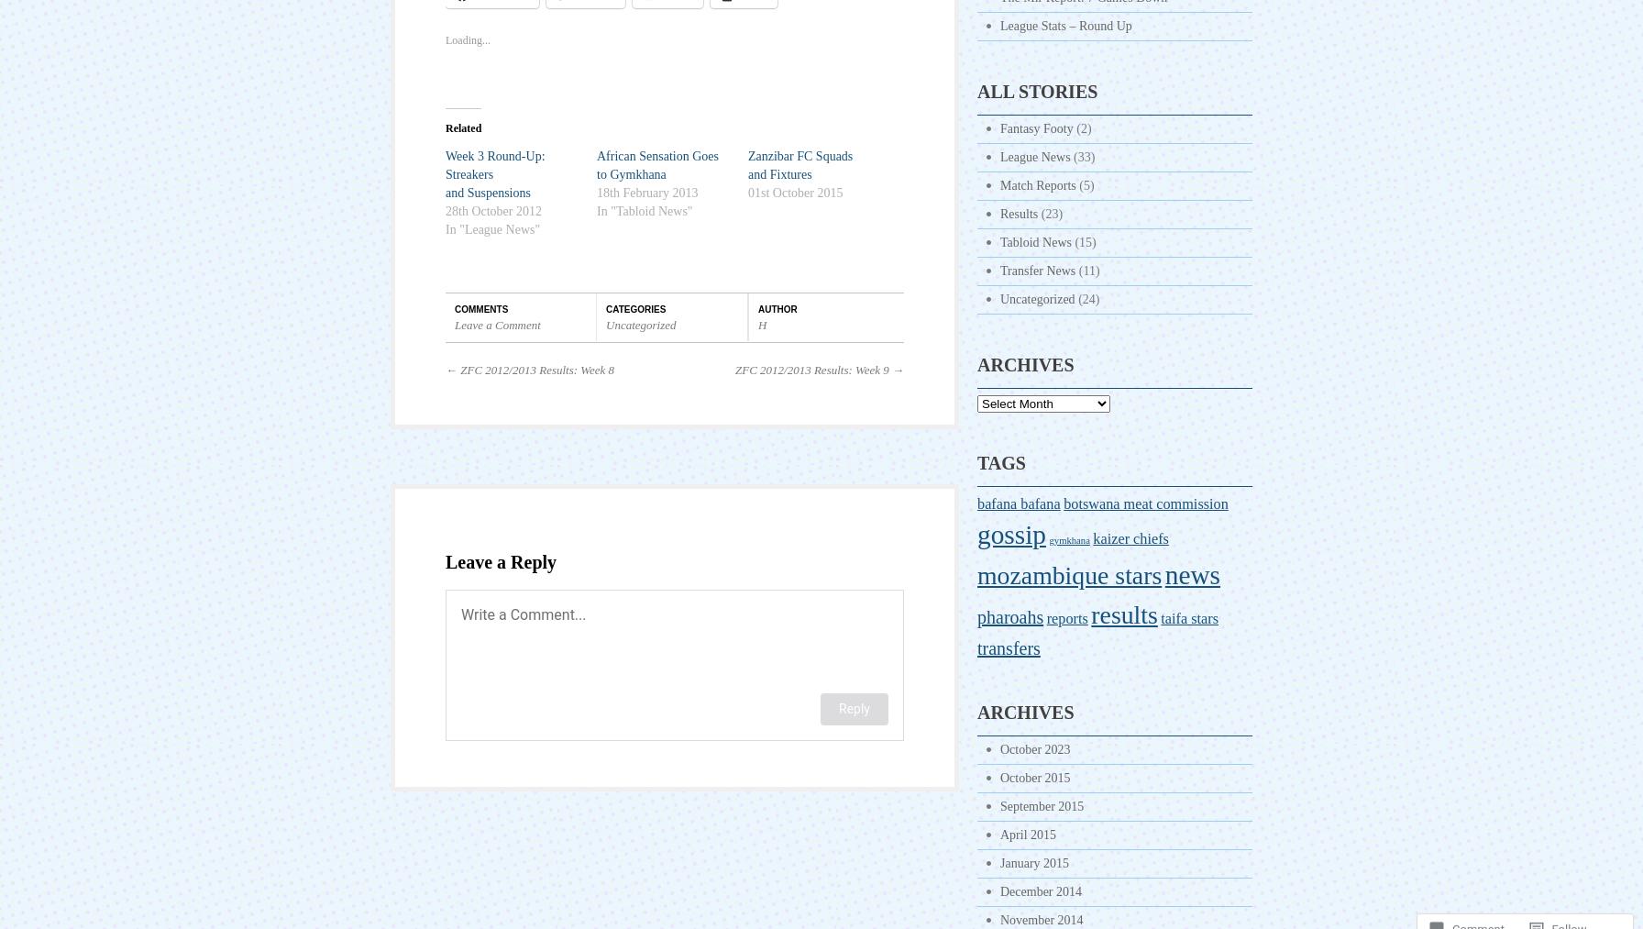 The image size is (1643, 929). Describe the element at coordinates (1001, 461) in the screenshot. I see `'Tags'` at that location.